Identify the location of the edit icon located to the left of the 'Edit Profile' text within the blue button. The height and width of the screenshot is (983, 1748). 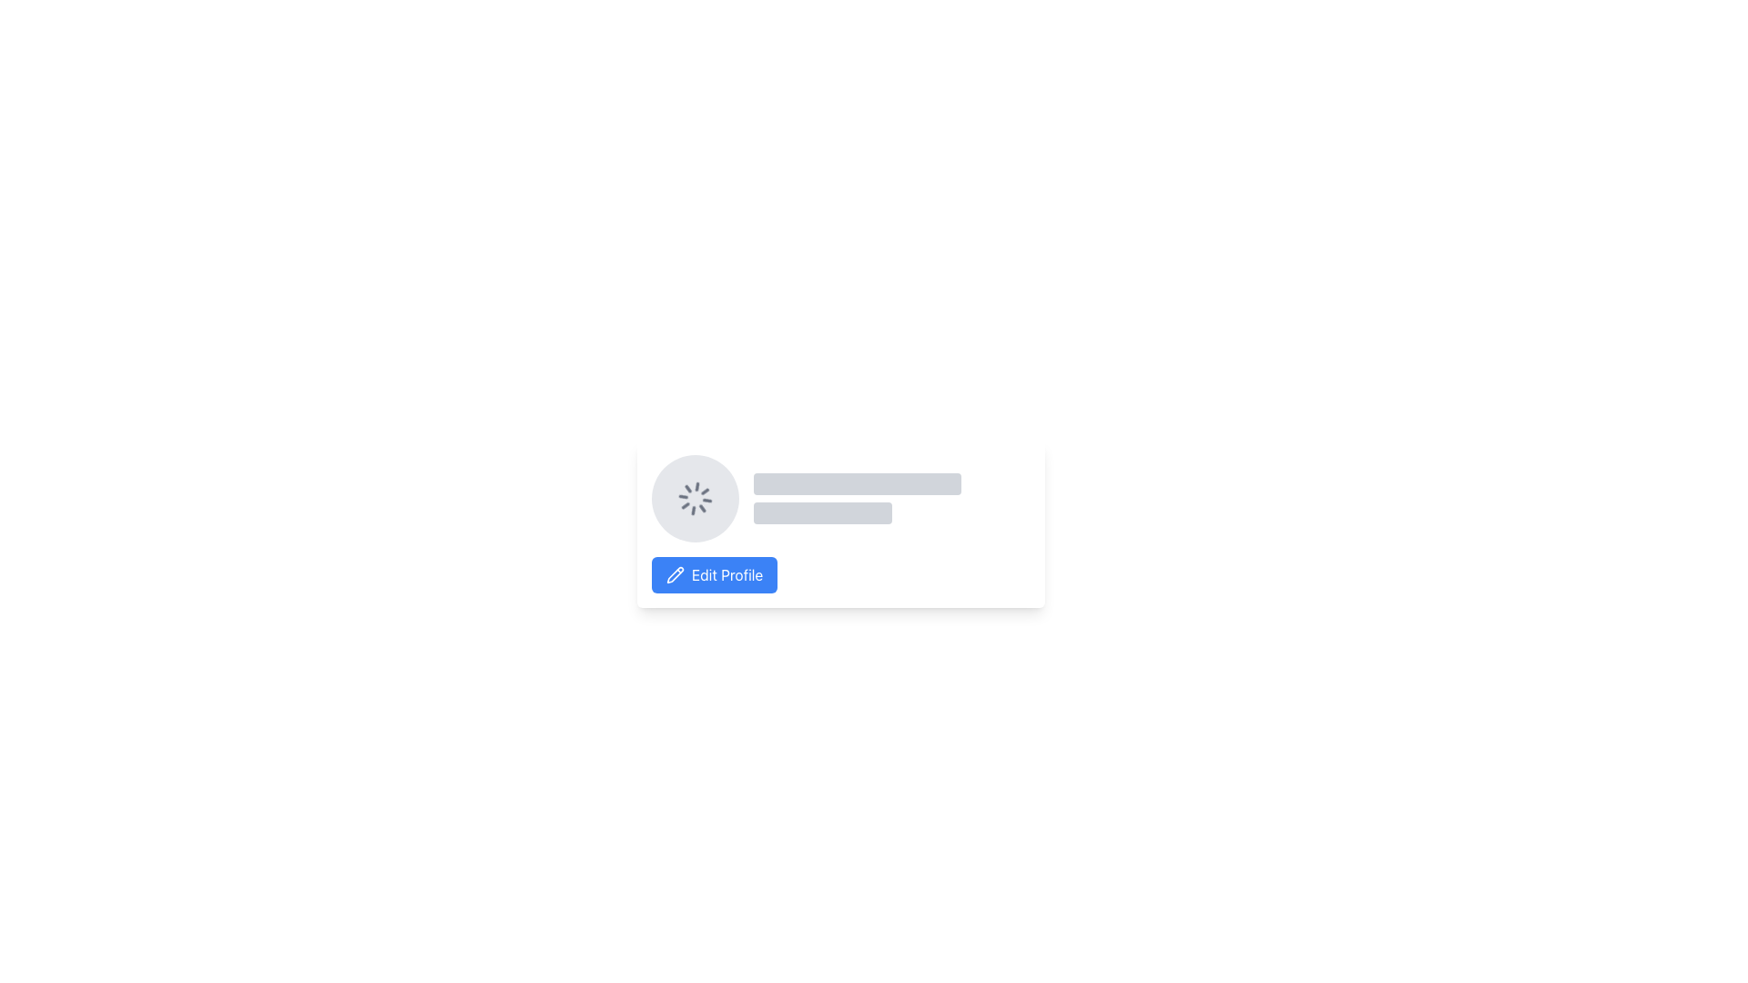
(675, 575).